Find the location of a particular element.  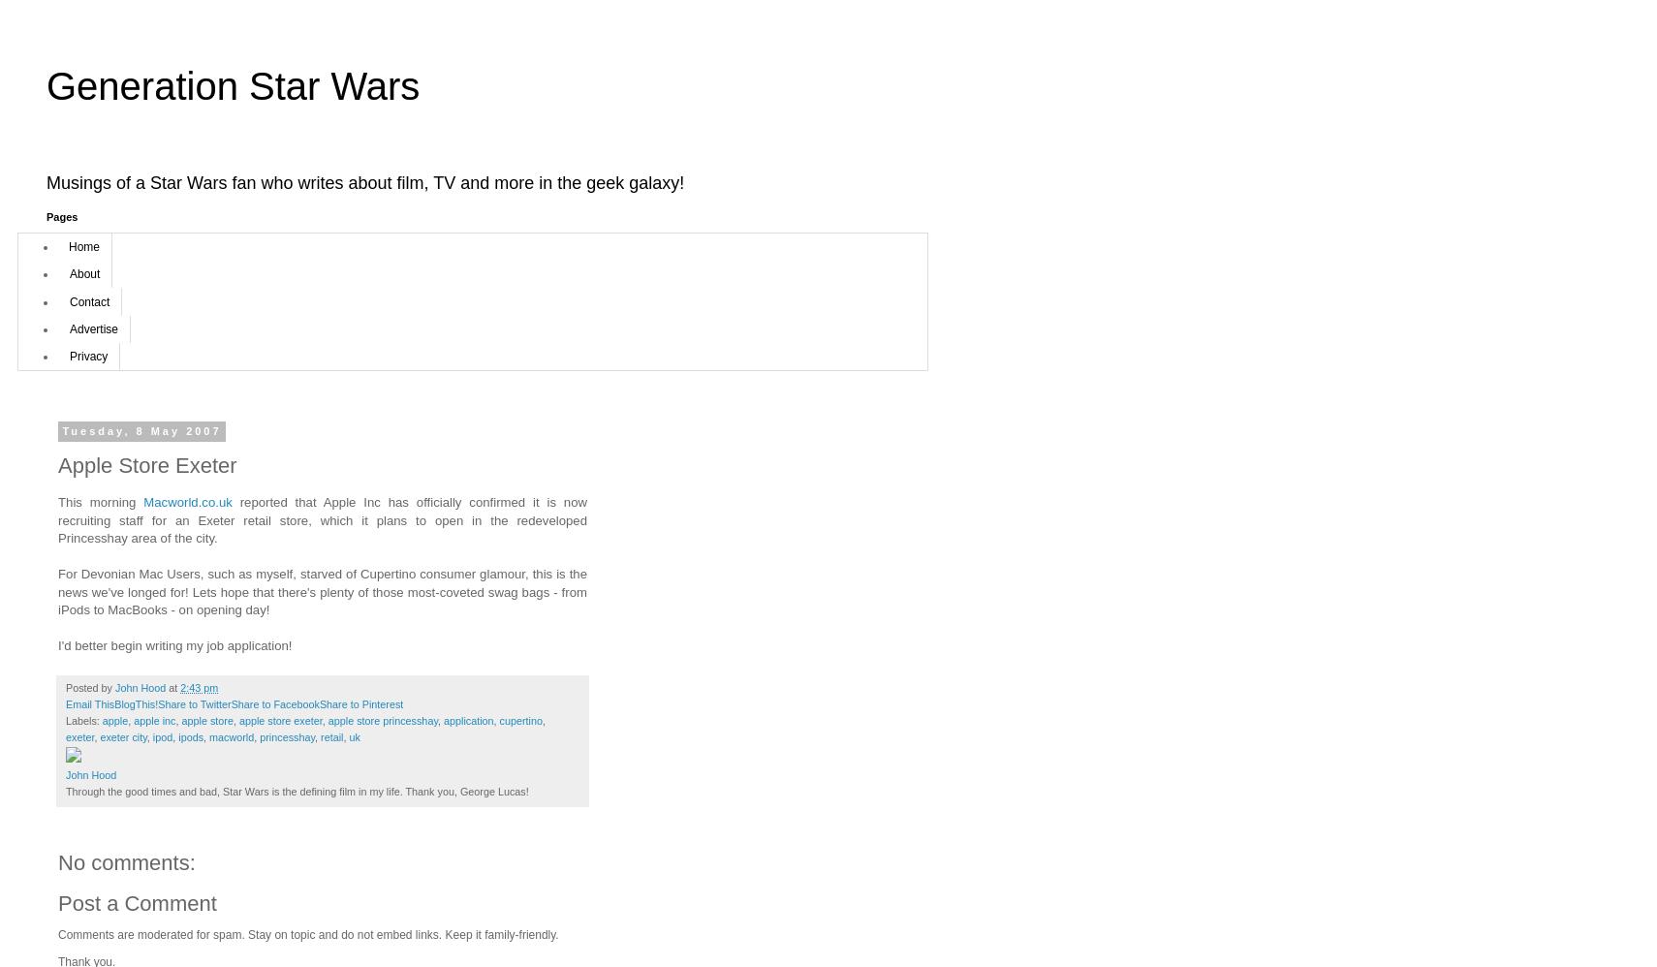

'Privacy' is located at coordinates (68, 355).